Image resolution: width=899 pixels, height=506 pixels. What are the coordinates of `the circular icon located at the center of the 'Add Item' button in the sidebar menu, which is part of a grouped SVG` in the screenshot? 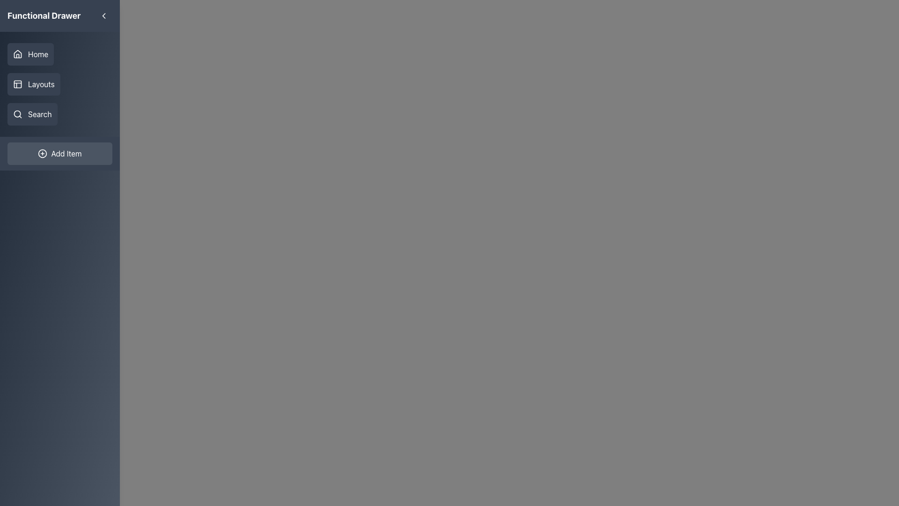 It's located at (42, 153).